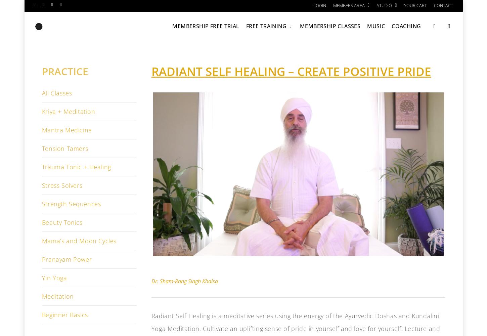 Image resolution: width=487 pixels, height=336 pixels. I want to click on 'Tension Tamers', so click(64, 148).